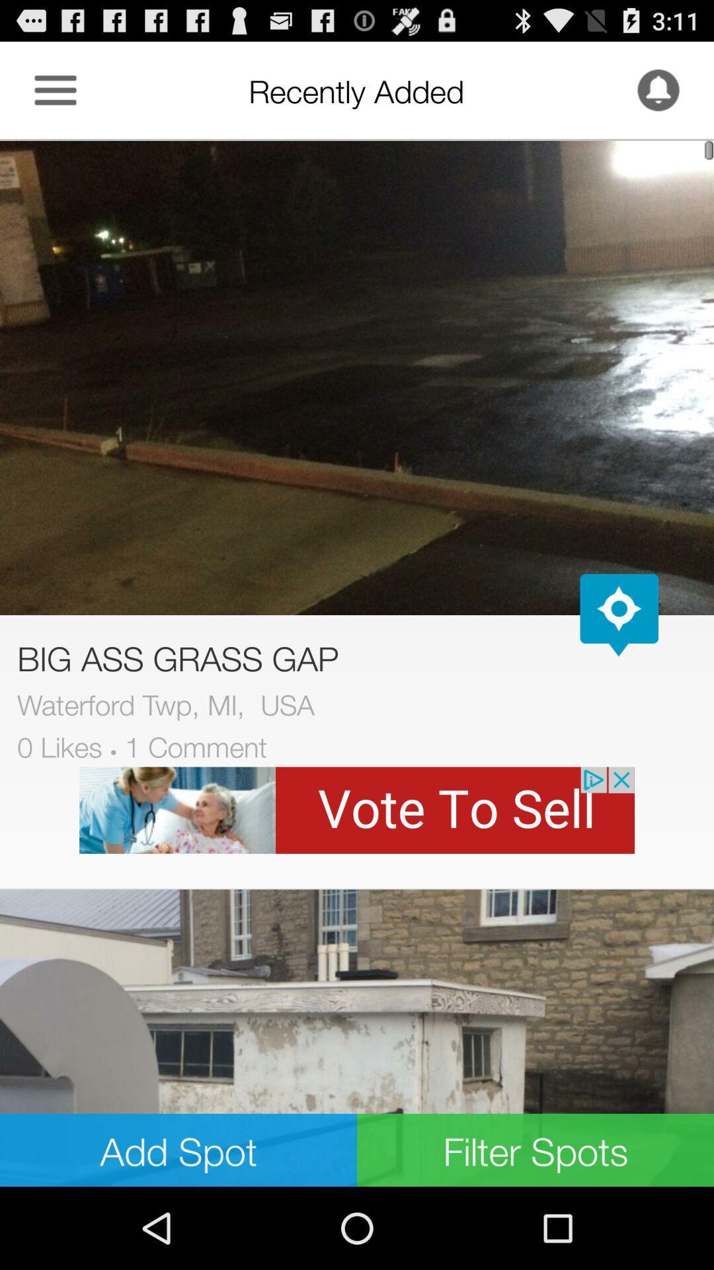 The image size is (714, 1270). What do you see at coordinates (55, 89) in the screenshot?
I see `options` at bounding box center [55, 89].